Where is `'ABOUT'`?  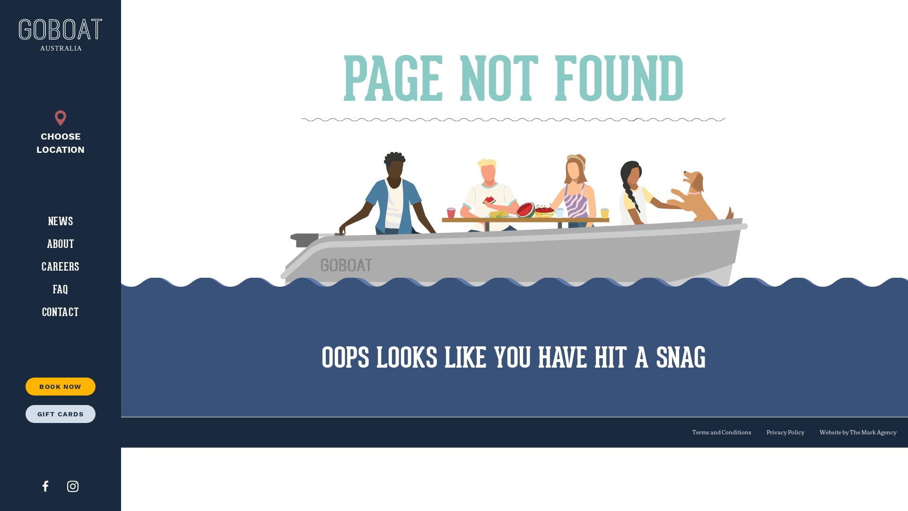
'ABOUT' is located at coordinates (60, 244).